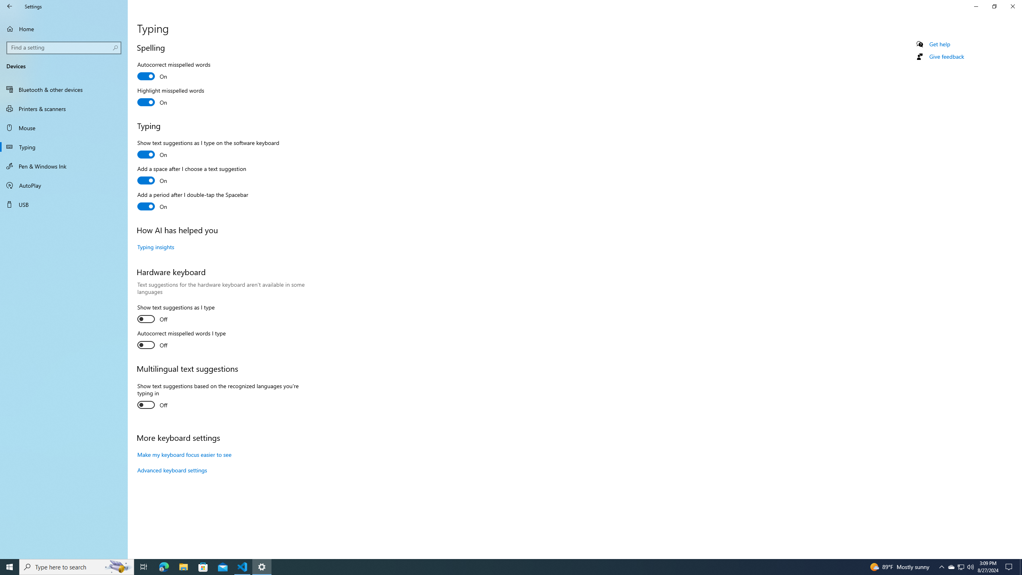  What do you see at coordinates (183, 566) in the screenshot?
I see `'File Explorer'` at bounding box center [183, 566].